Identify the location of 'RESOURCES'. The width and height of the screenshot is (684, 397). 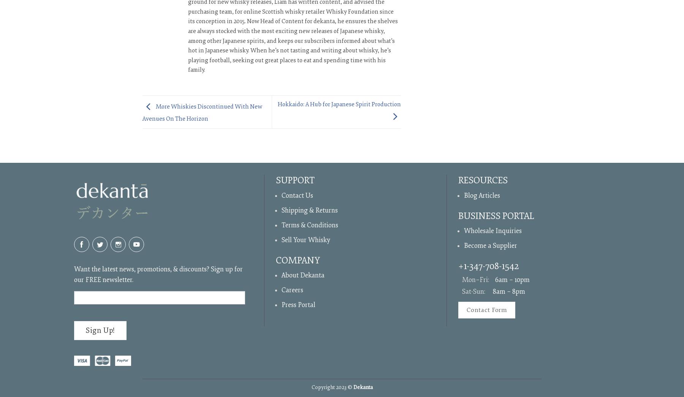
(483, 180).